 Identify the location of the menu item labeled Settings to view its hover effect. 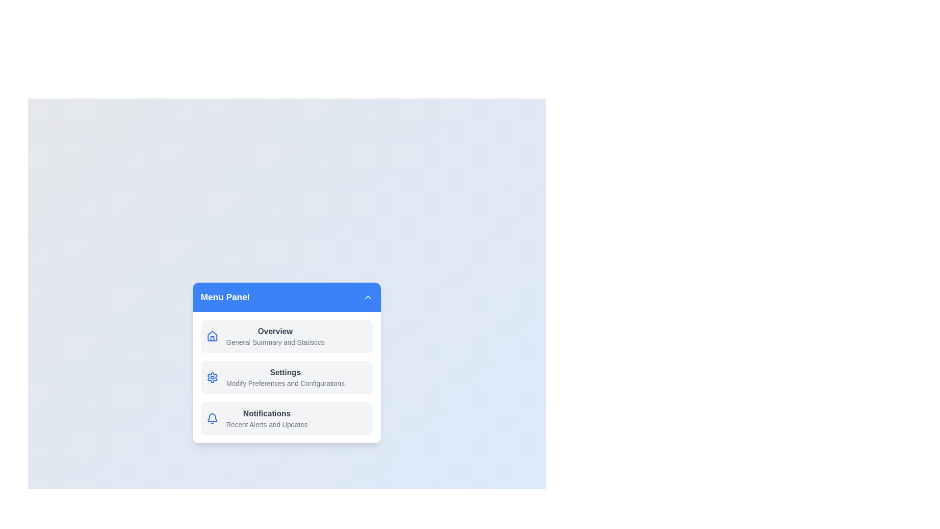
(286, 377).